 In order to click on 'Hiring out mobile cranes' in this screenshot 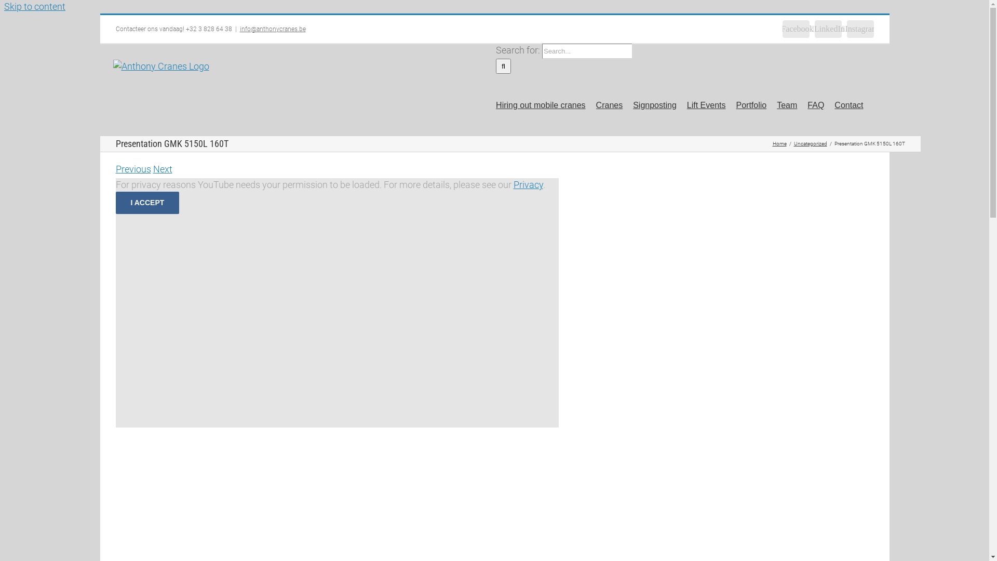, I will do `click(540, 104)`.